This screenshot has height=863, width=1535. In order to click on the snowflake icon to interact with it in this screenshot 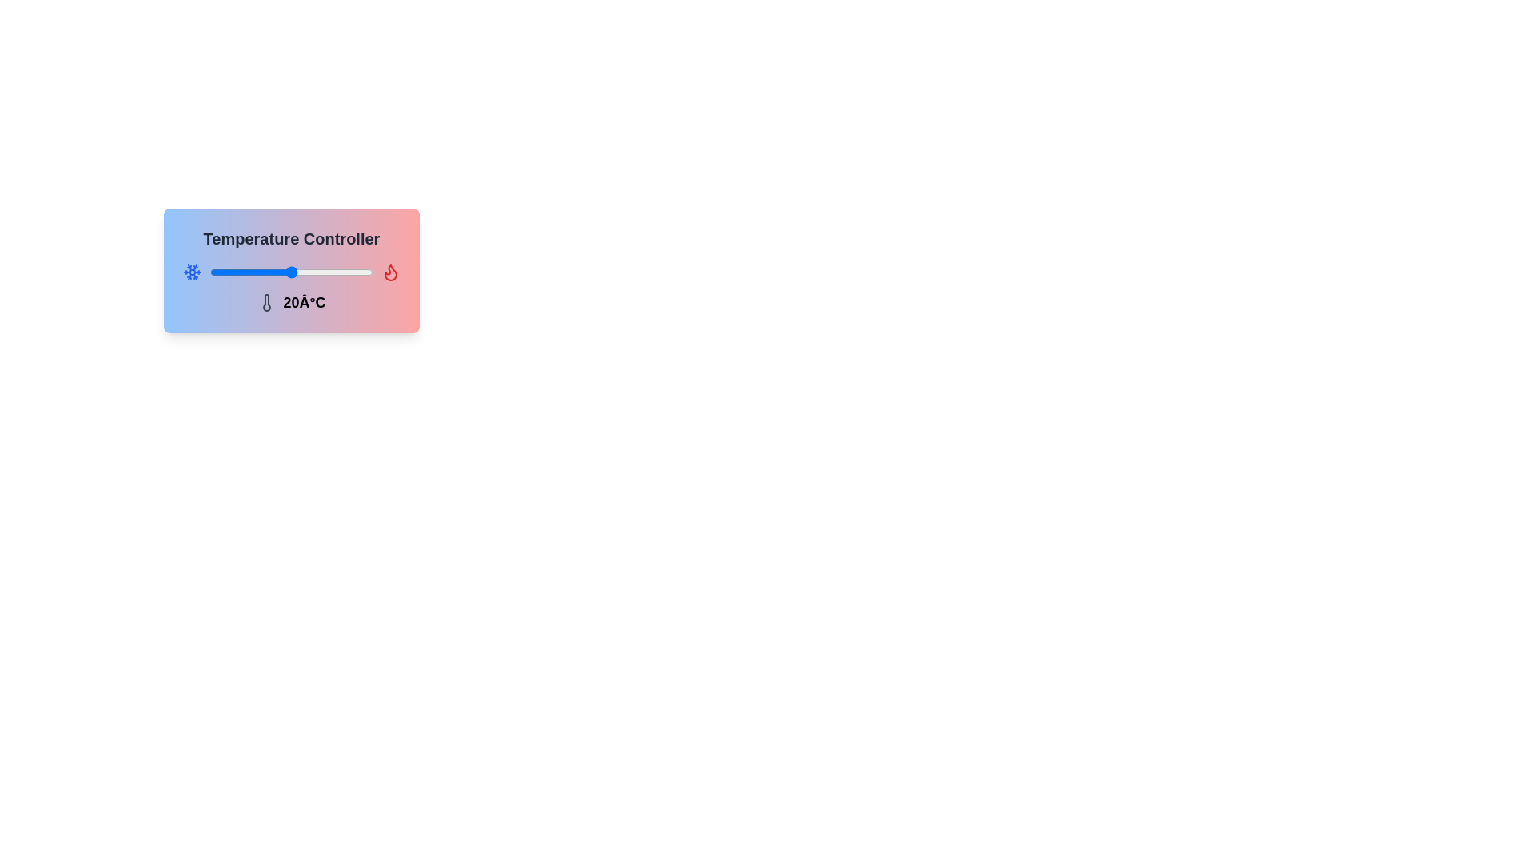, I will do `click(192, 271)`.